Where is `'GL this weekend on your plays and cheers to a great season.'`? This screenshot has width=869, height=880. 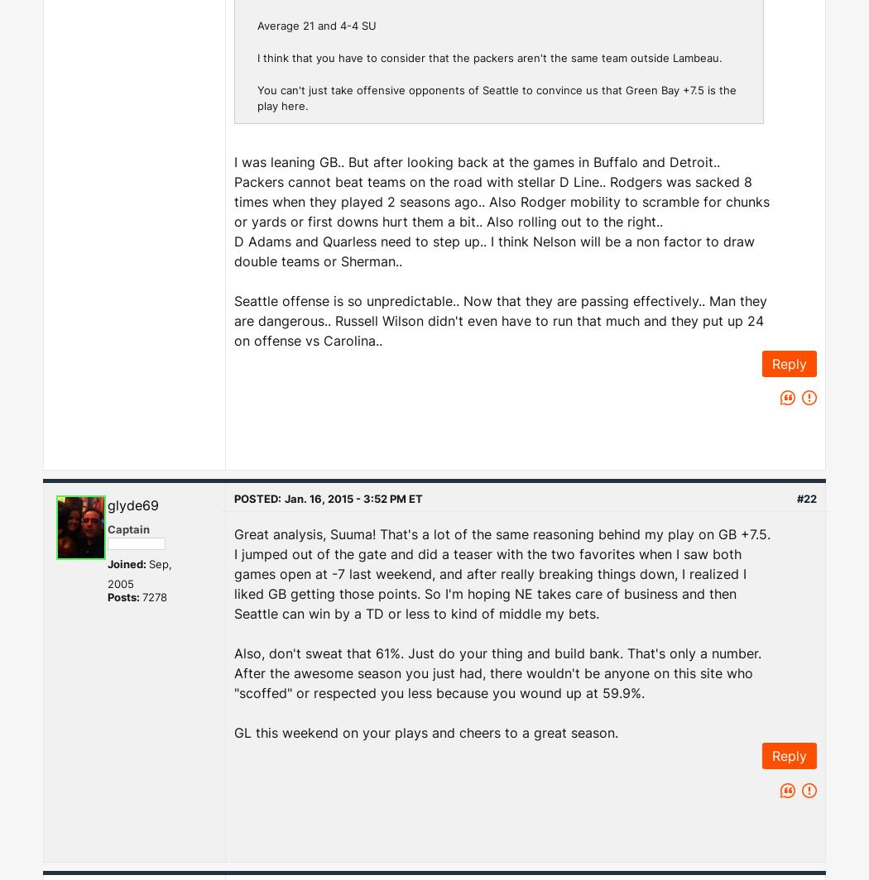 'GL this weekend on your plays and cheers to a great season.' is located at coordinates (233, 732).